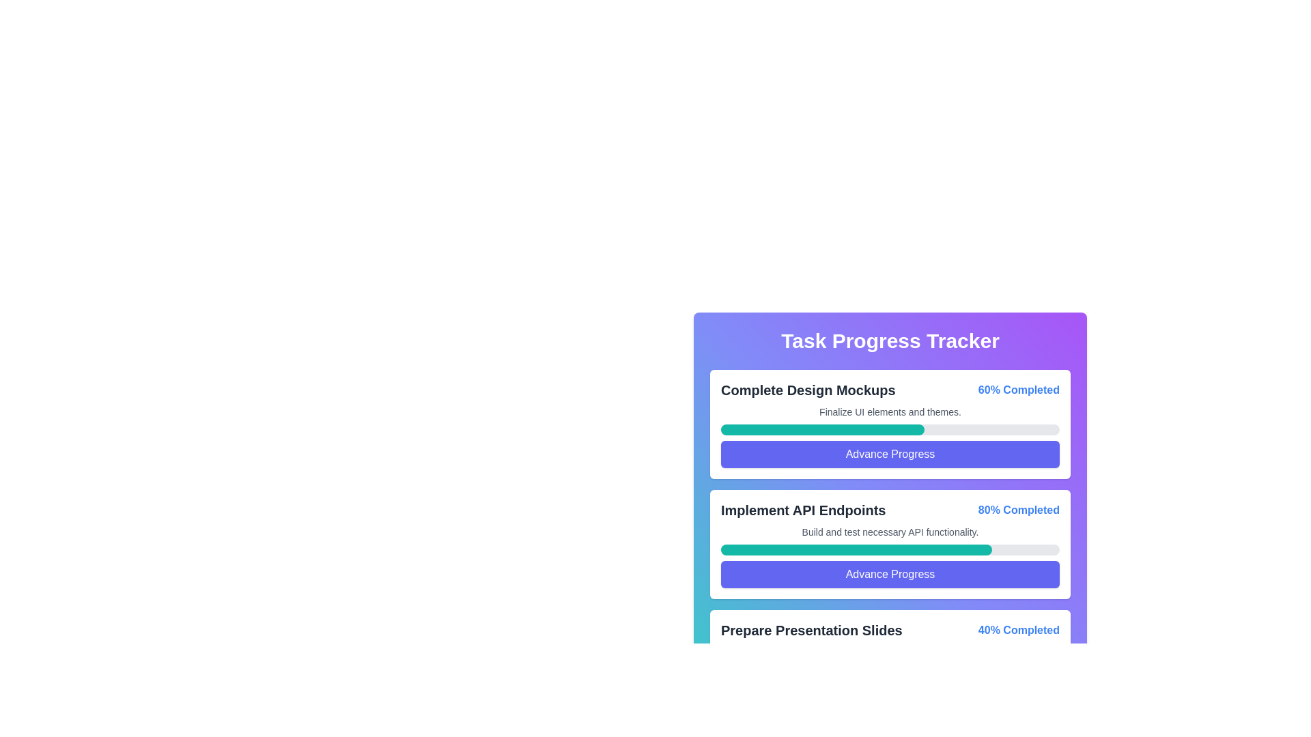 This screenshot has height=737, width=1311. I want to click on the text label that reads 'Complete Design Mockups' which is styled in bold and dark gray, located at the top-left corner of the task card, aligned with the progress percentage text, so click(808, 390).